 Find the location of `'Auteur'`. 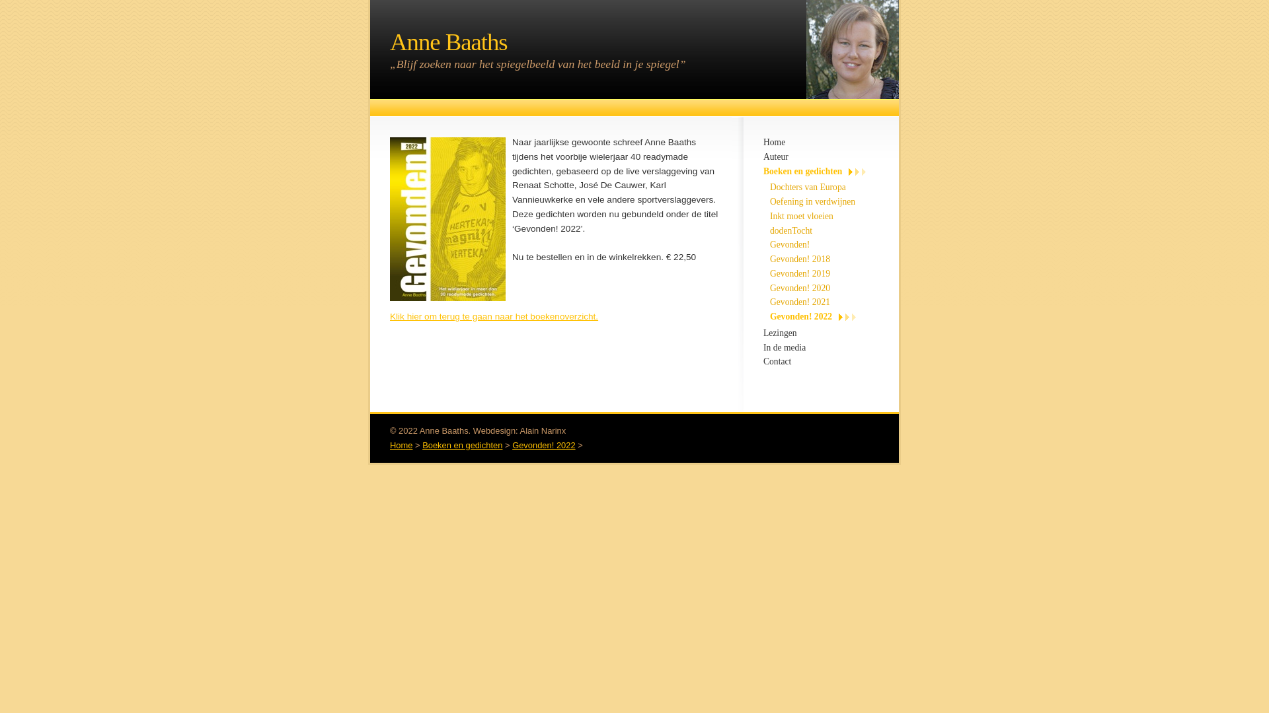

'Auteur' is located at coordinates (776, 156).